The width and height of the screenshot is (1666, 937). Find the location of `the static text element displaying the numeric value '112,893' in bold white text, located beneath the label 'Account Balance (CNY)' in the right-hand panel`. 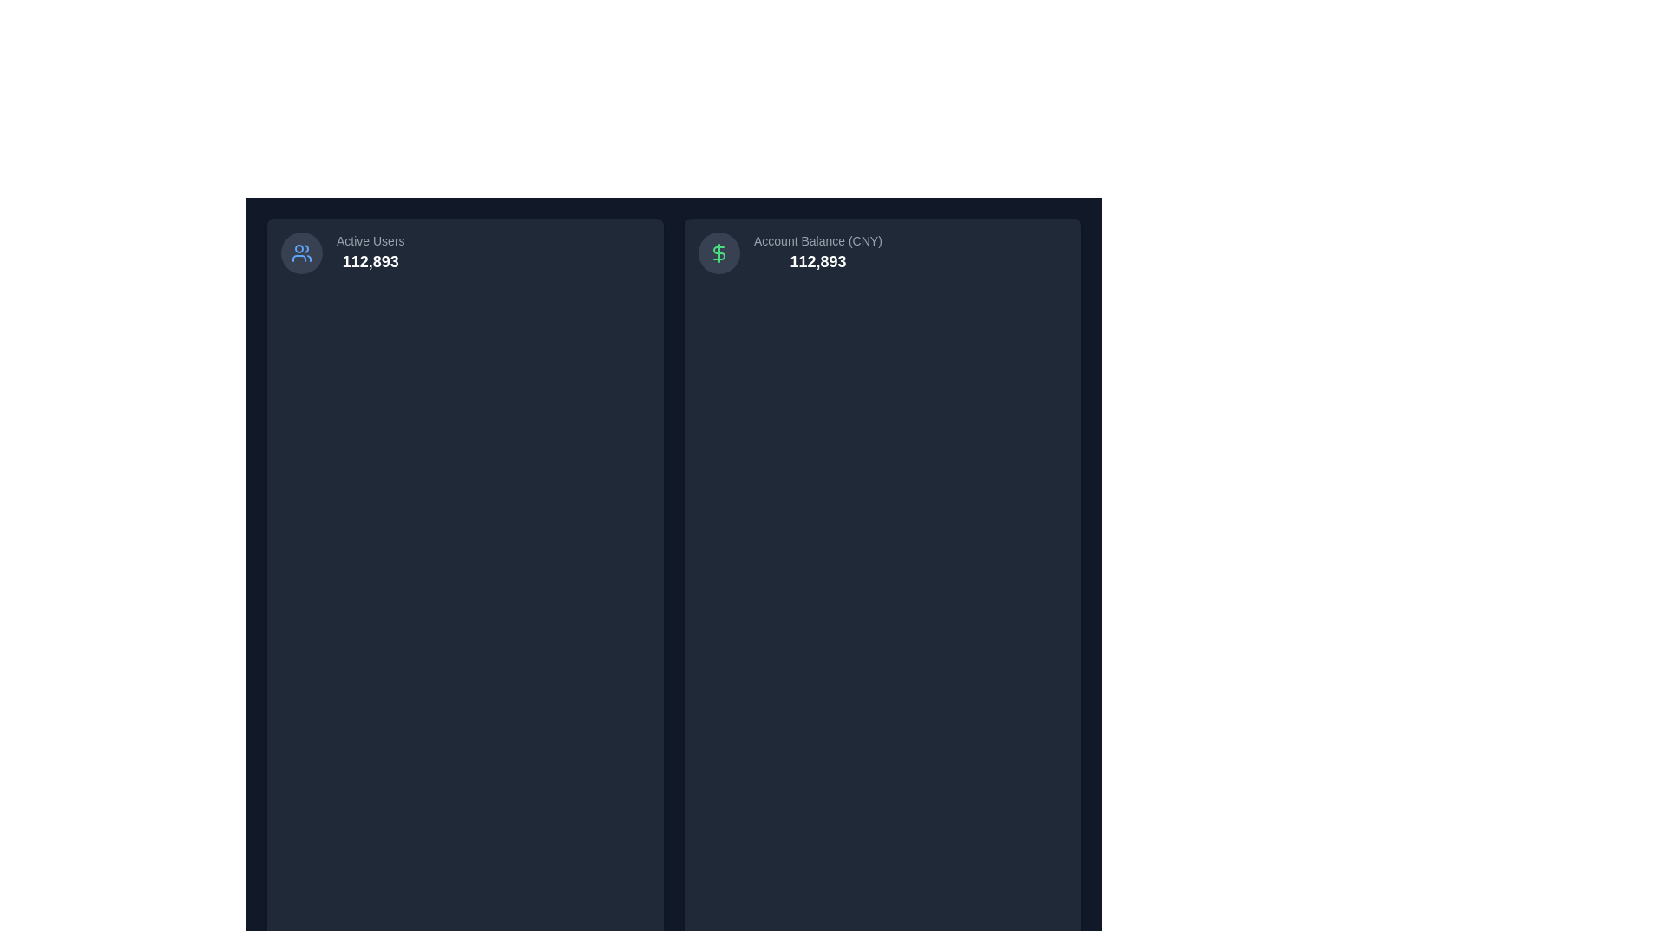

the static text element displaying the numeric value '112,893' in bold white text, located beneath the label 'Account Balance (CNY)' in the right-hand panel is located at coordinates (817, 261).